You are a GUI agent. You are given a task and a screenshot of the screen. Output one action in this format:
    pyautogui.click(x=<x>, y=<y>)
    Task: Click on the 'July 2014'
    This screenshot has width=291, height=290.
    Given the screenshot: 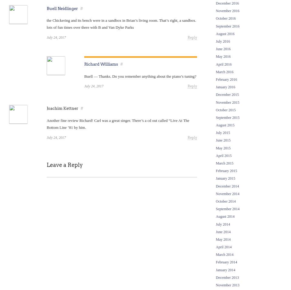 What is the action you would take?
    pyautogui.click(x=216, y=224)
    